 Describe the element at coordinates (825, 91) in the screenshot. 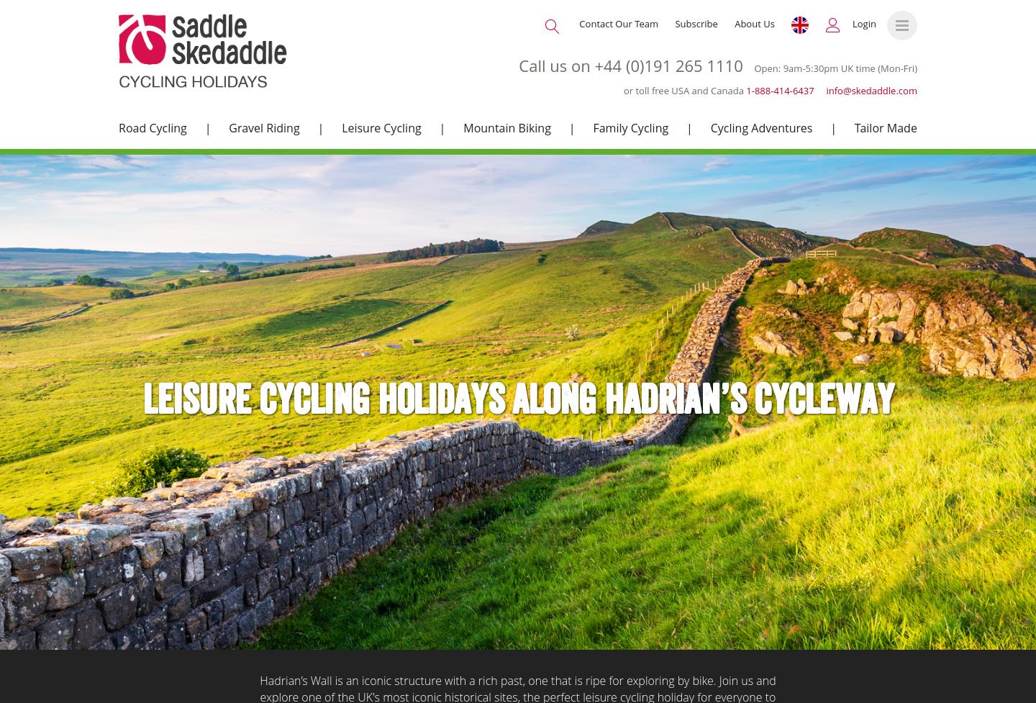

I see `'info@skedaddle.com'` at that location.